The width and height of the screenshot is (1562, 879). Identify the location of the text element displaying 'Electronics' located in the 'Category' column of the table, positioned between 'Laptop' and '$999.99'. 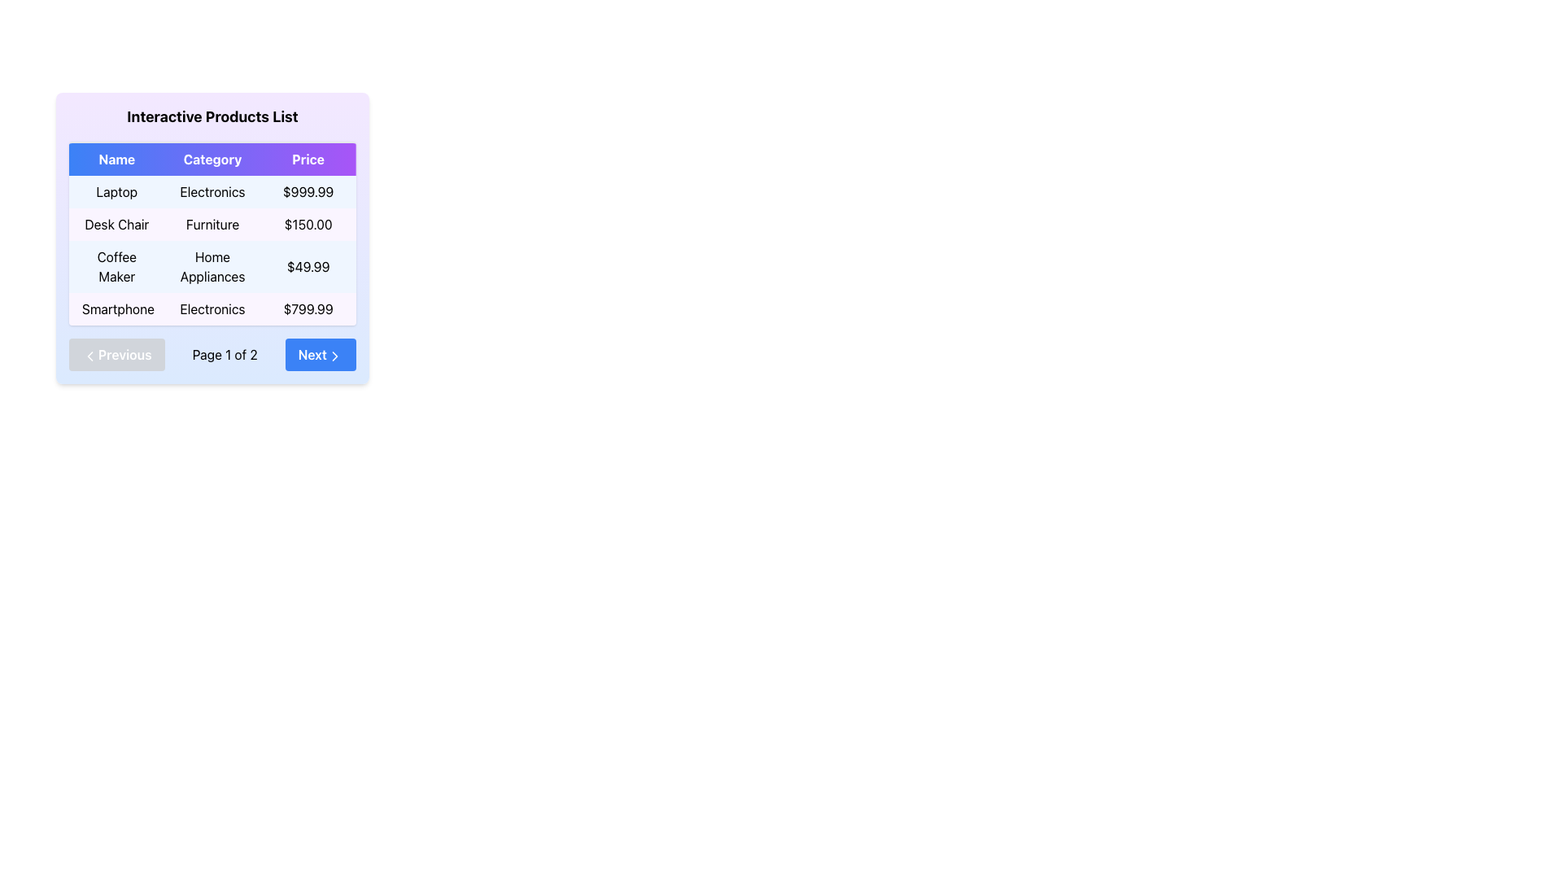
(212, 190).